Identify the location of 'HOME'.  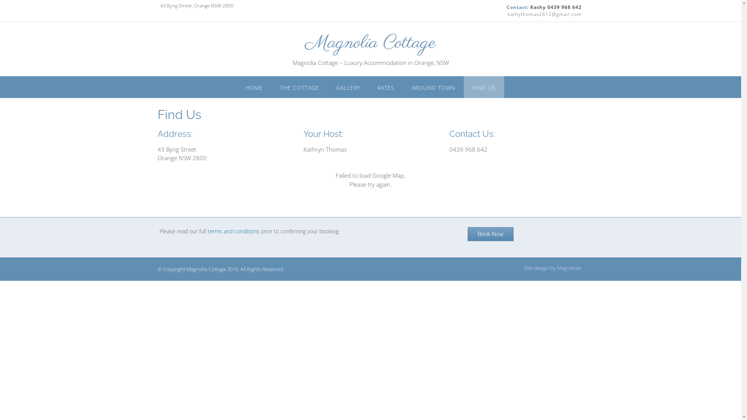
(254, 87).